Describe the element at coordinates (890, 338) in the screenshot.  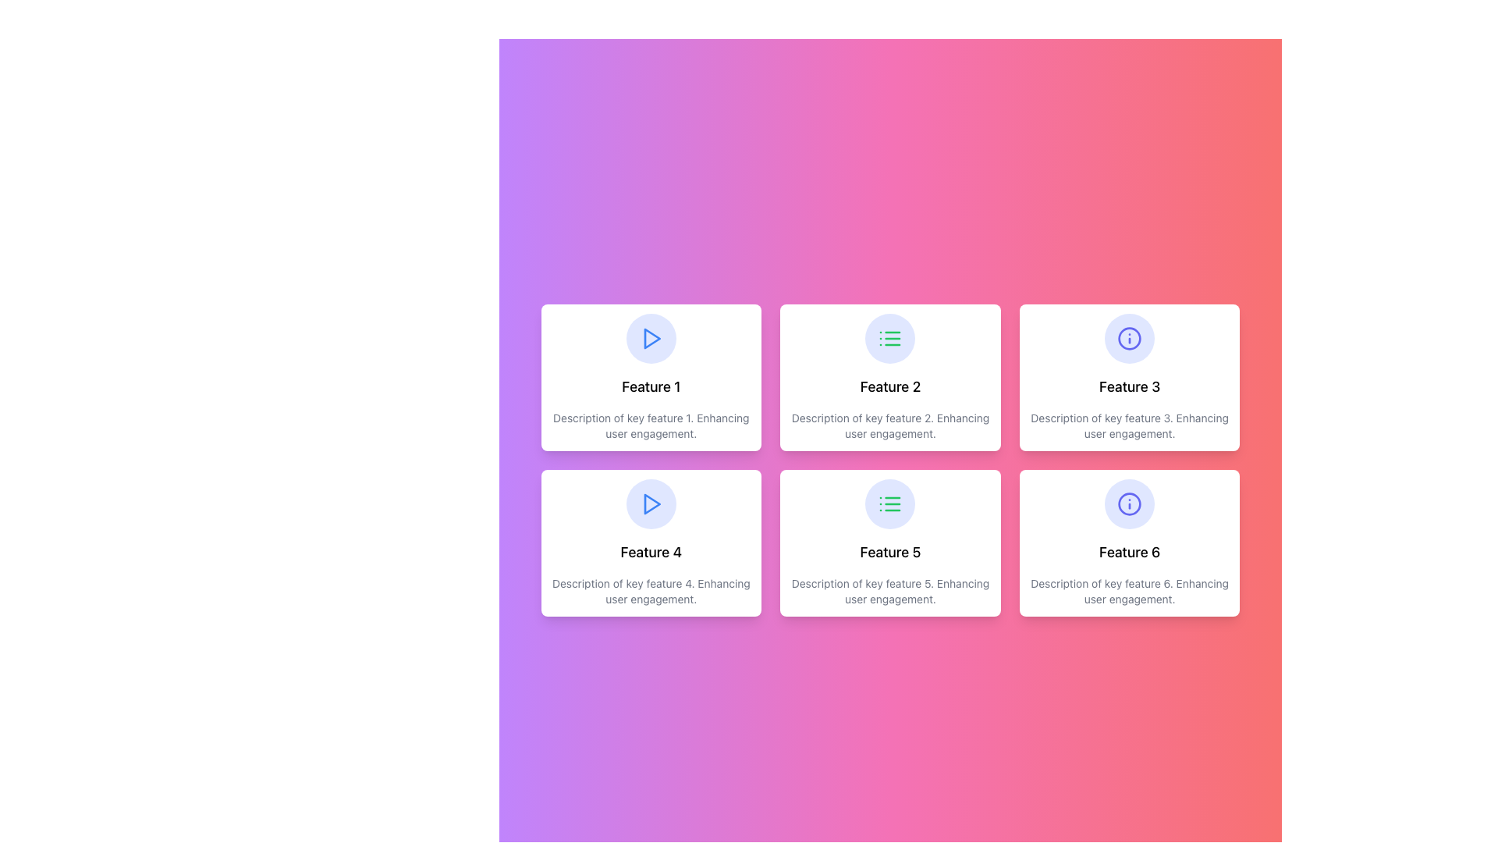
I see `the circular icon with a light indigo background and a green list symbol located at the top-center of the 'Feature 2' card` at that location.